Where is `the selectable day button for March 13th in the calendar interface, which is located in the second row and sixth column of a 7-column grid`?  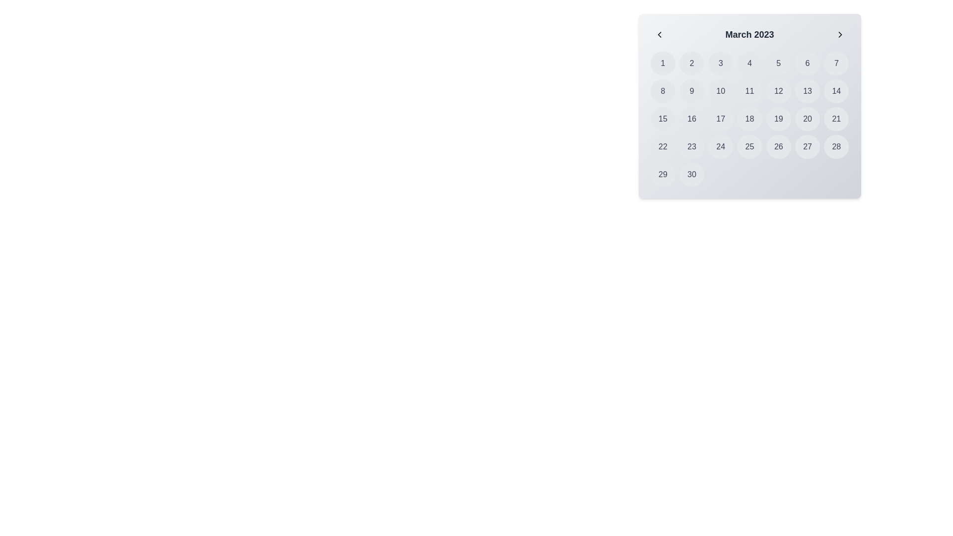
the selectable day button for March 13th in the calendar interface, which is located in the second row and sixth column of a 7-column grid is located at coordinates (808, 91).